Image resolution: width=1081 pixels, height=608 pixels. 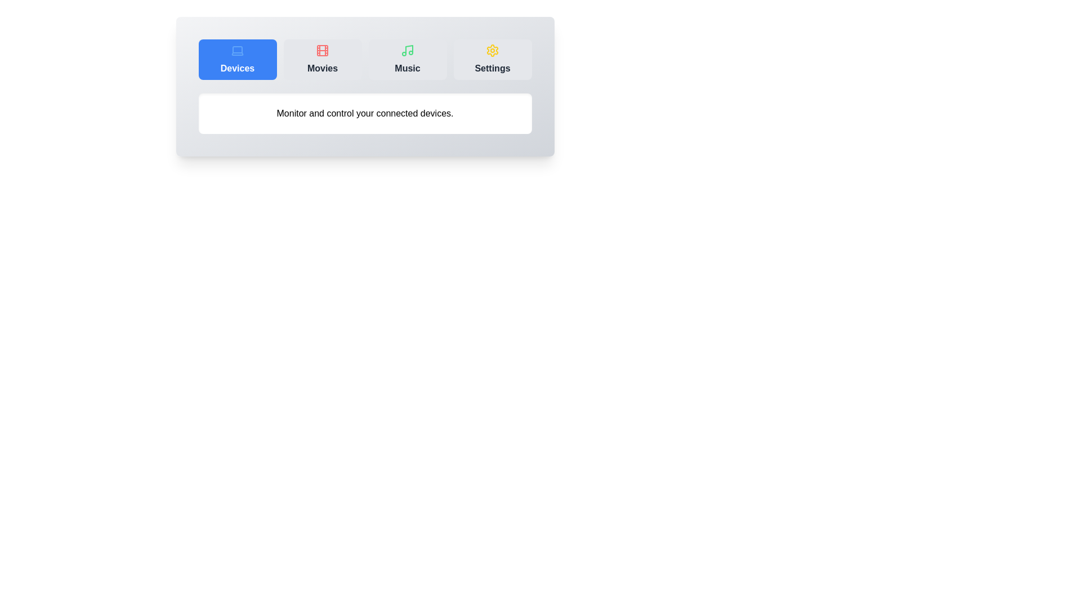 What do you see at coordinates (492, 59) in the screenshot?
I see `the Settings tab in the dashboard` at bounding box center [492, 59].